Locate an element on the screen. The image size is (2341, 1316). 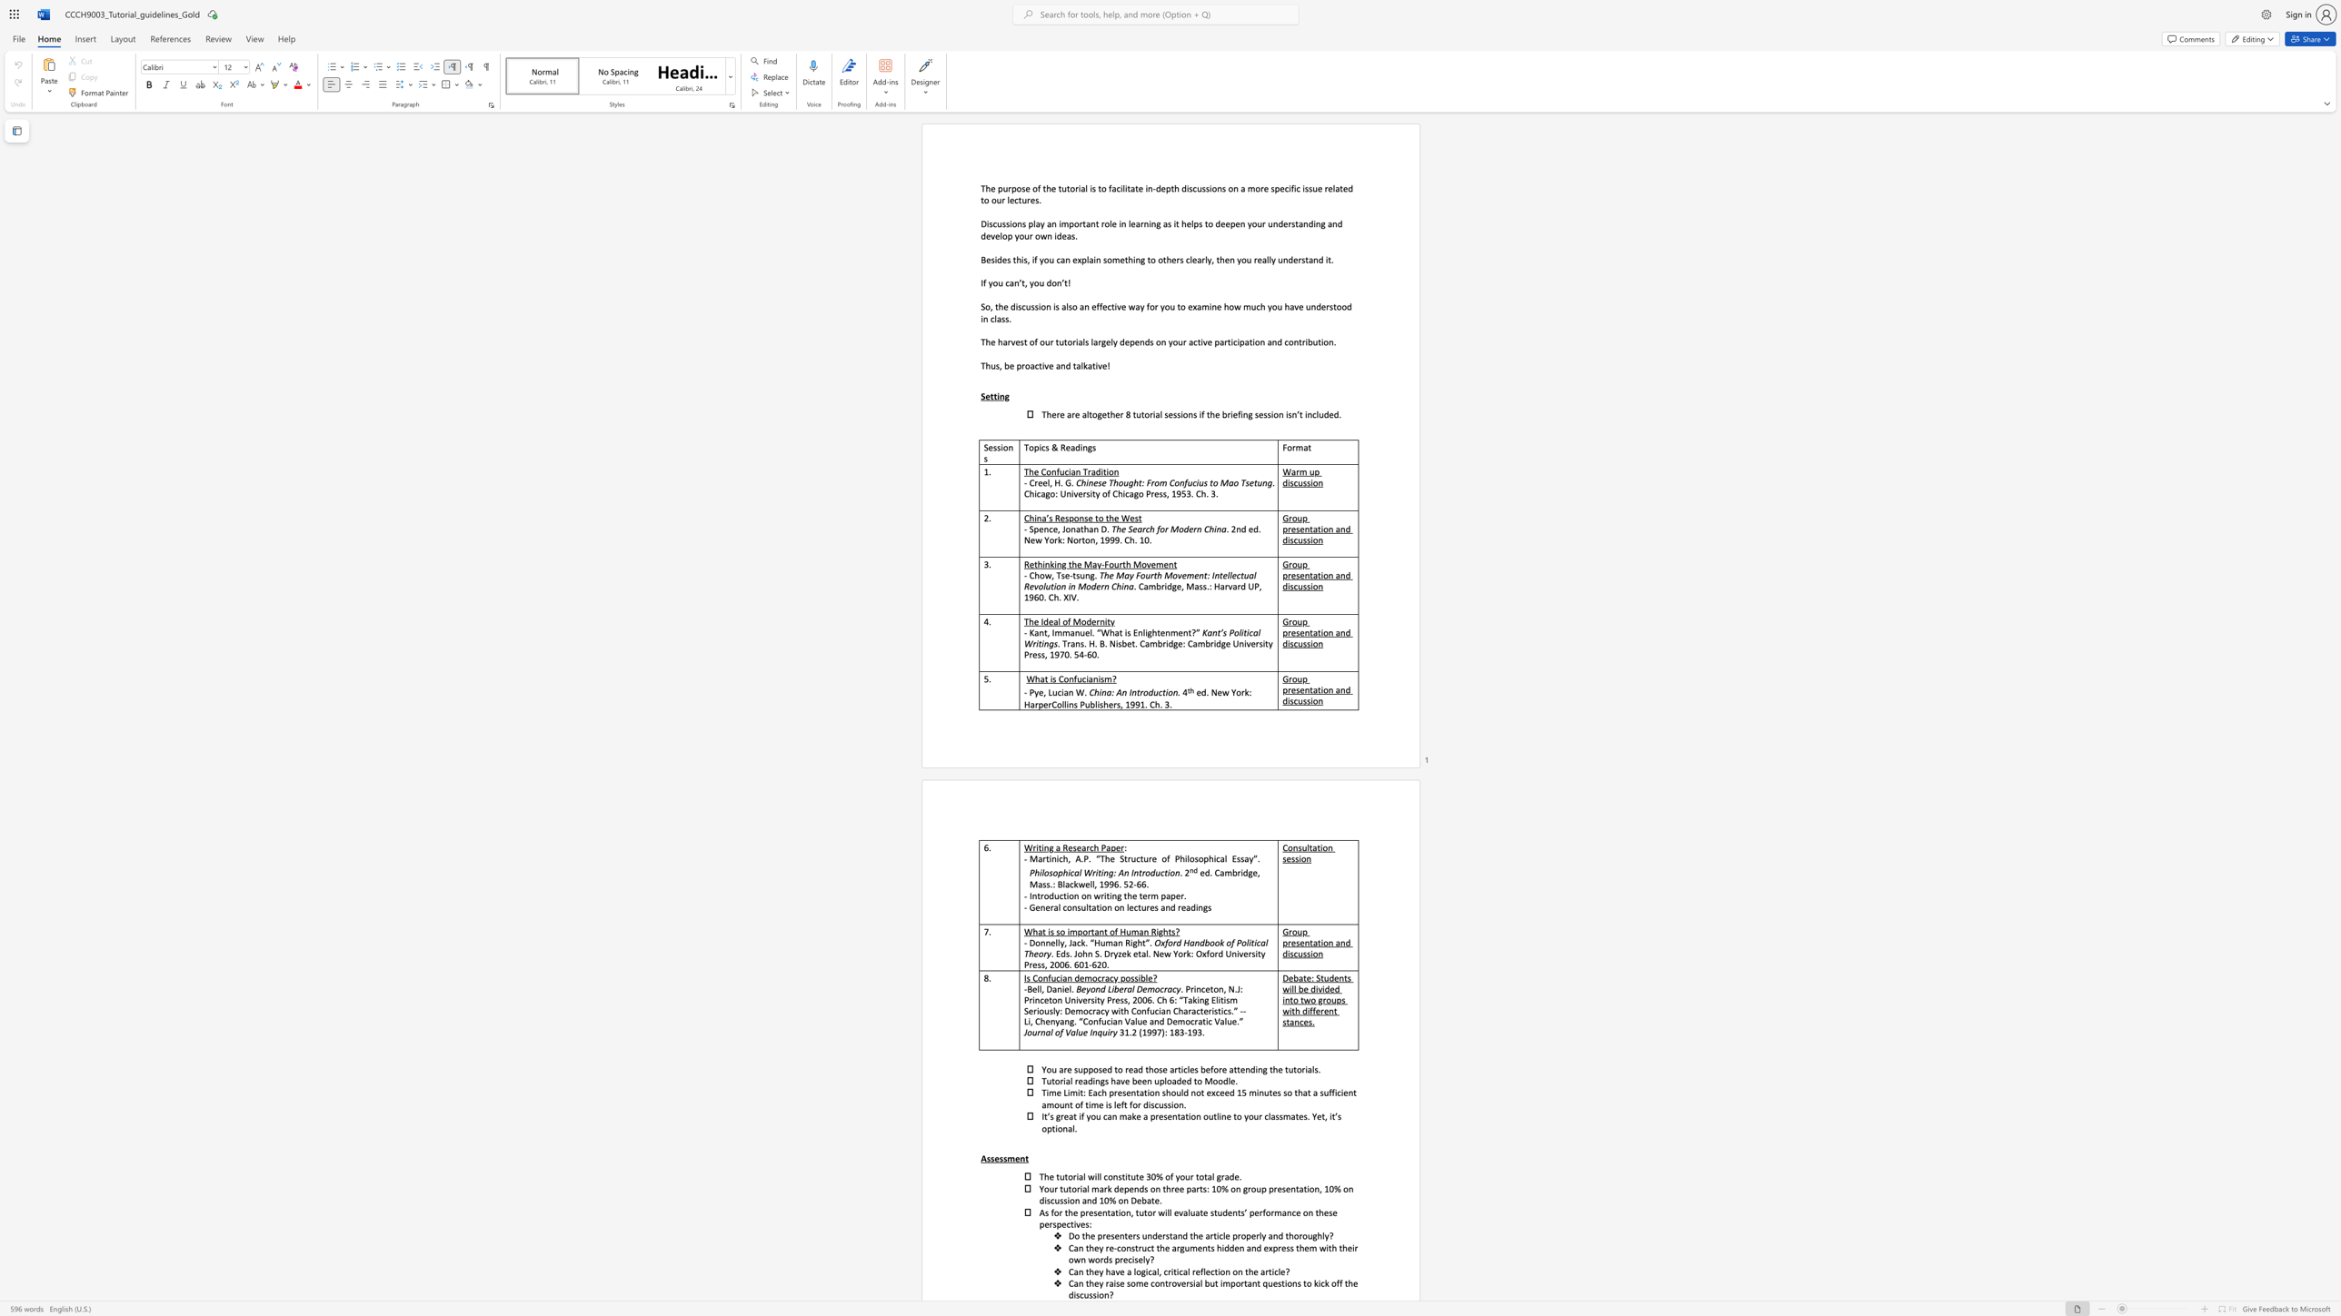
the subset text "n Tr" within the text "The Confucian Tradition" is located at coordinates (1075, 471).